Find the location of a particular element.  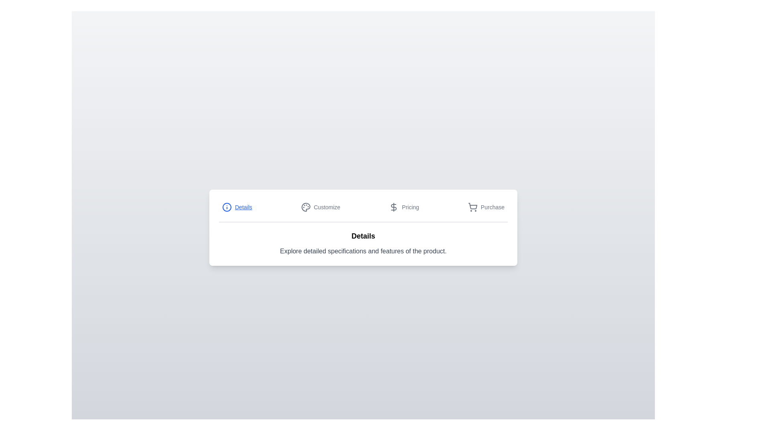

the icon next to the tab title Details to perform the action associated with it is located at coordinates (227, 206).